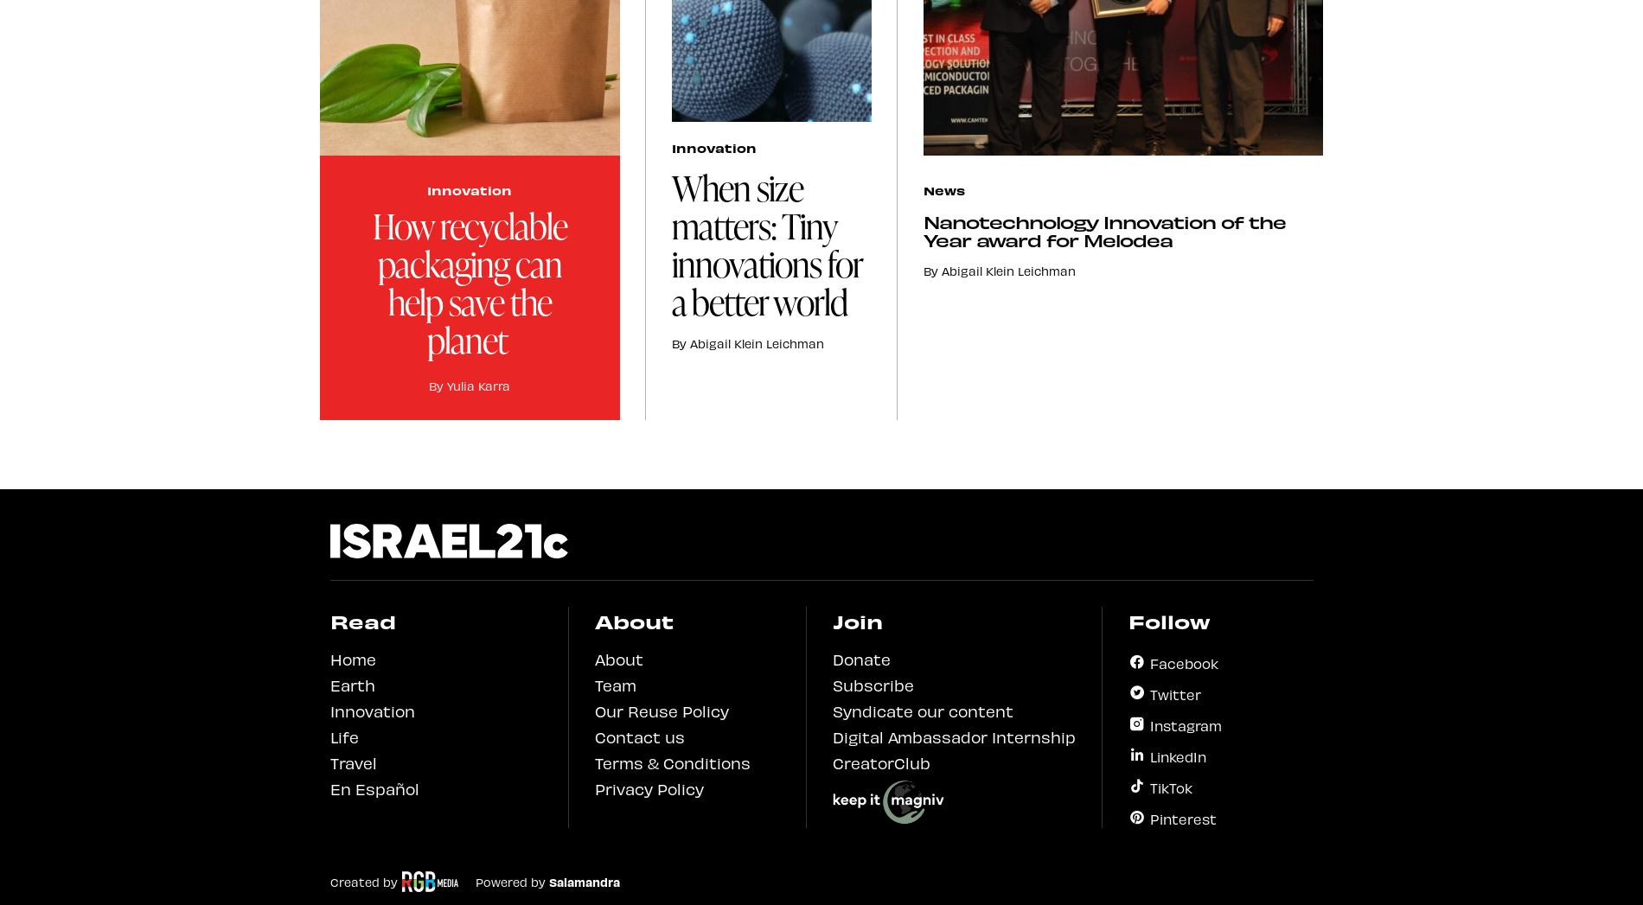 This screenshot has width=1643, height=905. Describe the element at coordinates (614, 682) in the screenshot. I see `'Team'` at that location.